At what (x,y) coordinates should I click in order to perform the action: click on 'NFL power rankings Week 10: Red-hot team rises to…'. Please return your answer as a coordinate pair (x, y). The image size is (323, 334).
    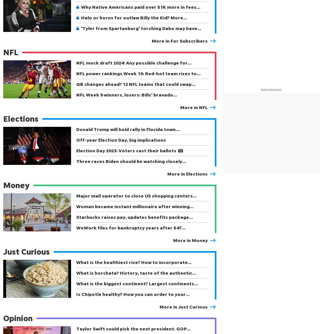
    Looking at the image, I should click on (138, 73).